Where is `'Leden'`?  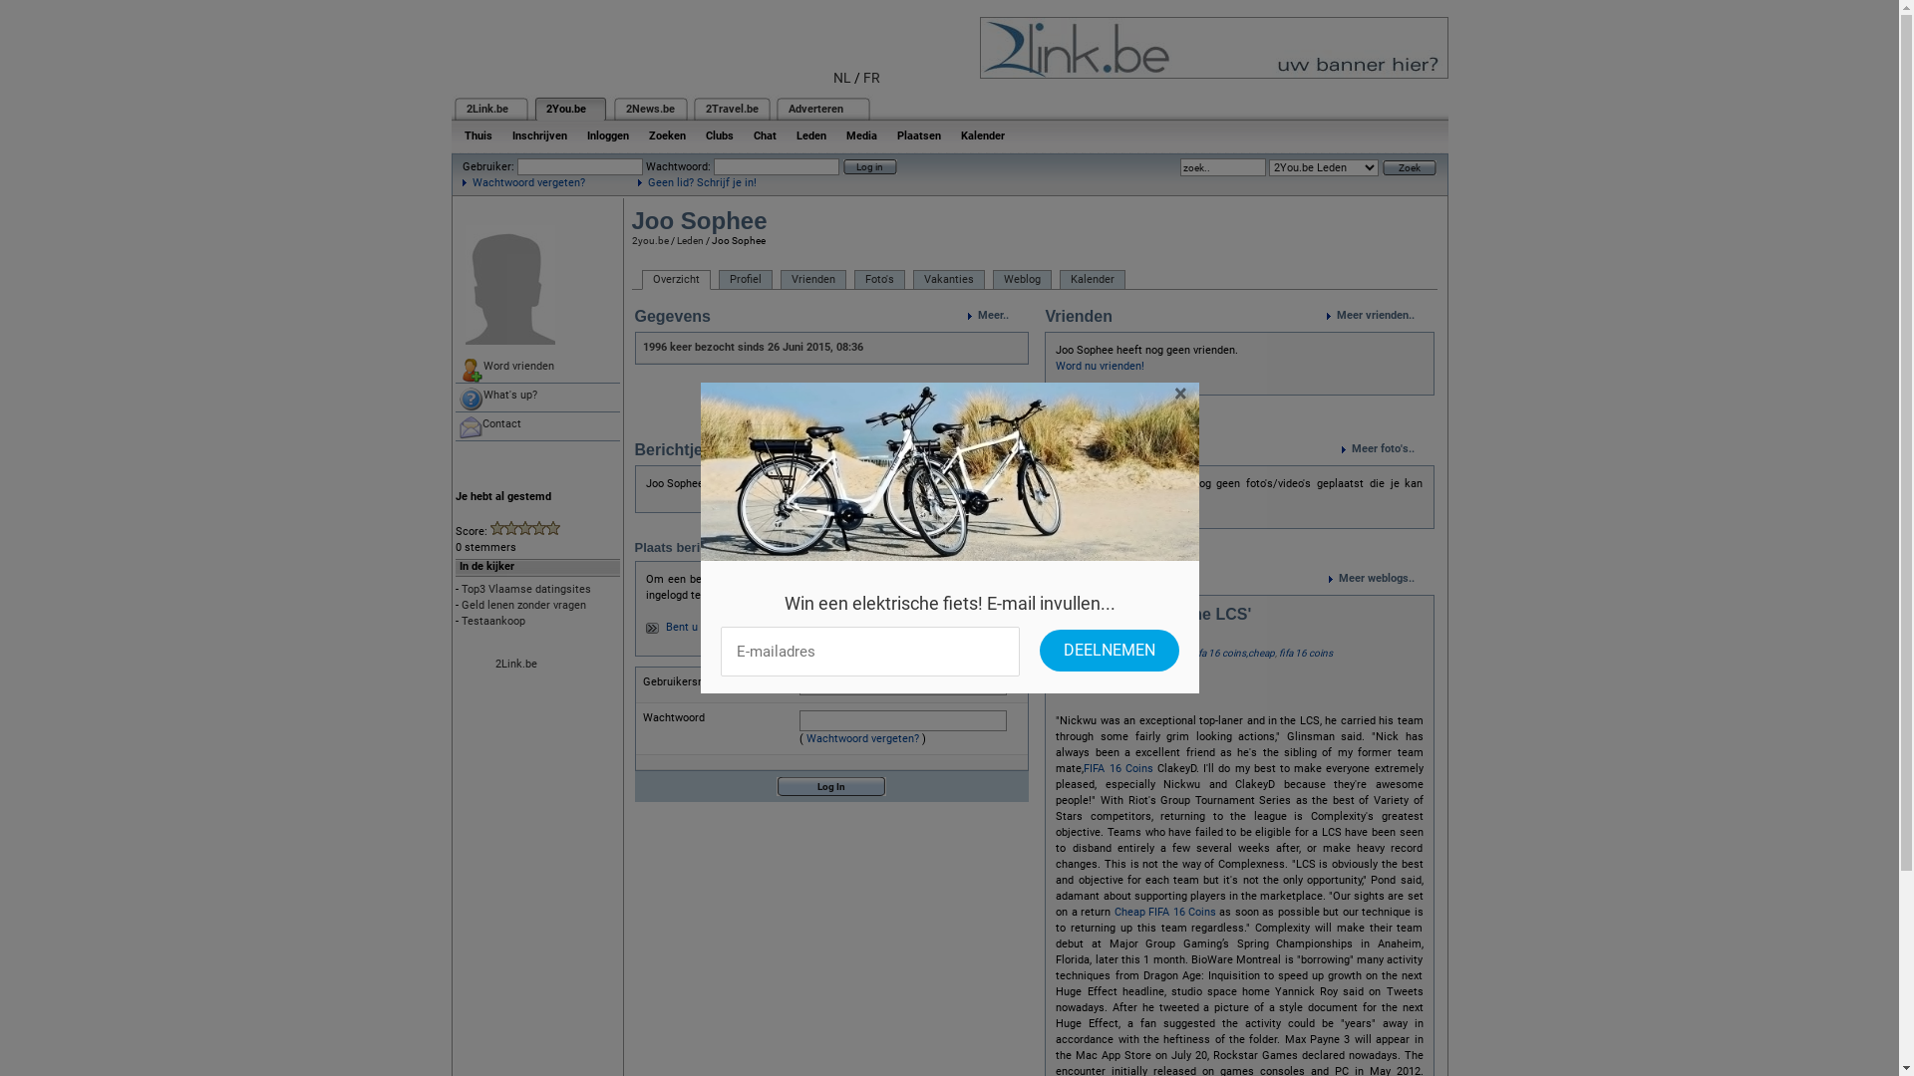
'Leden' is located at coordinates (689, 239).